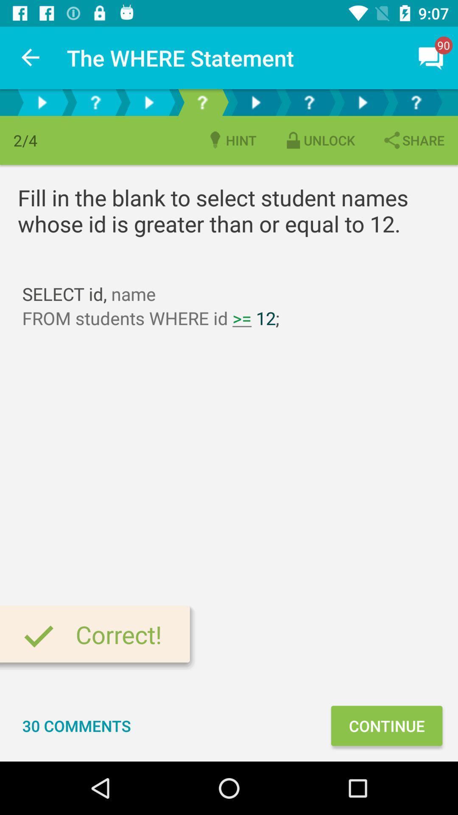 The height and width of the screenshot is (815, 458). I want to click on the help icon, so click(95, 102).